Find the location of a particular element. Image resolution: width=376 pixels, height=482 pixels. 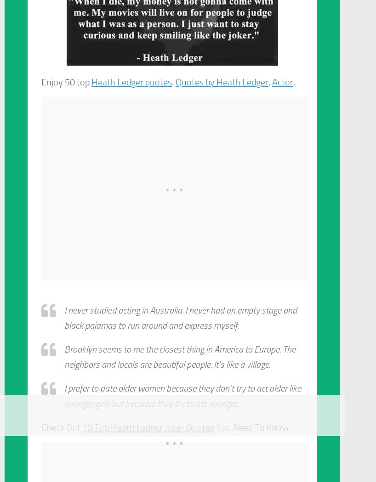

',' is located at coordinates (269, 82).